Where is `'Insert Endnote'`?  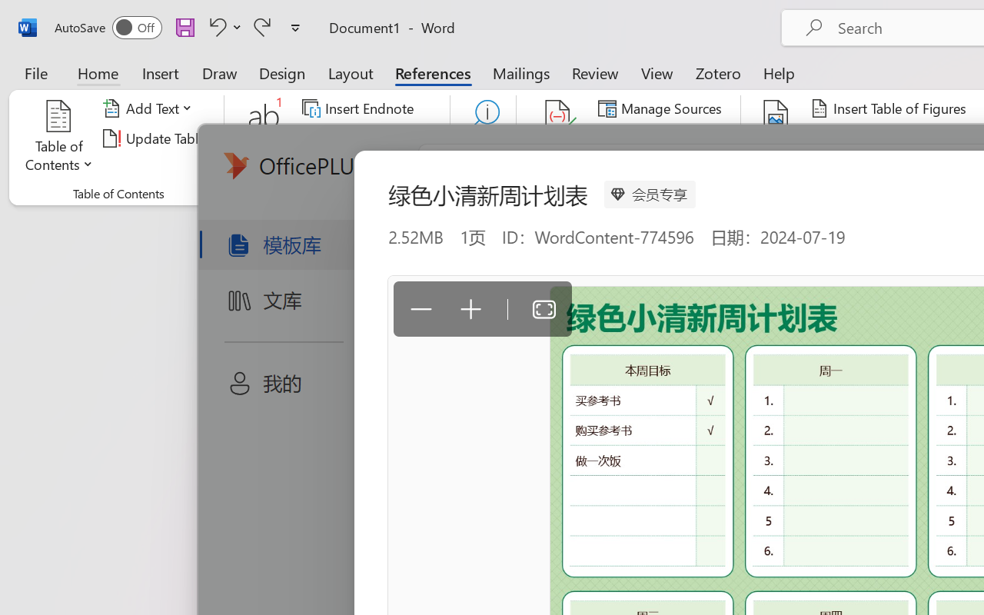
'Insert Endnote' is located at coordinates (359, 108).